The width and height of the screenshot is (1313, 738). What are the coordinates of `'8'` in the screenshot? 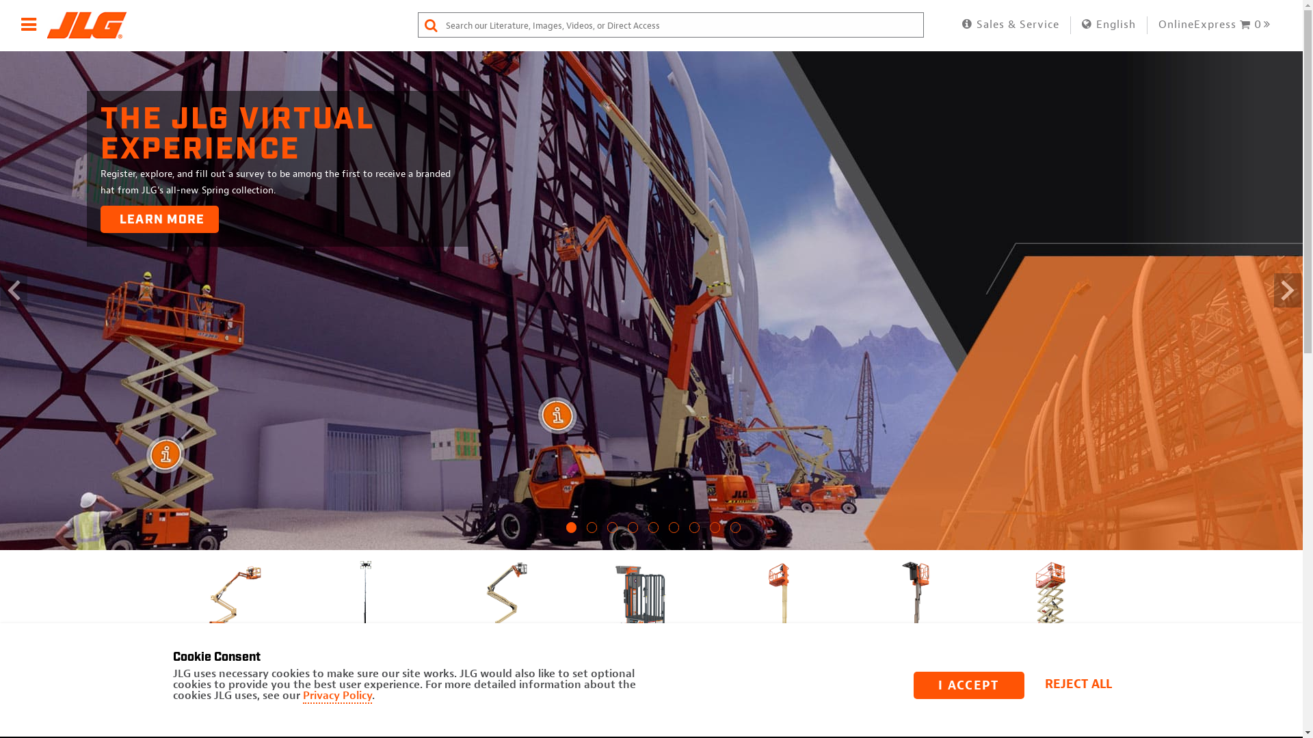 It's located at (714, 532).